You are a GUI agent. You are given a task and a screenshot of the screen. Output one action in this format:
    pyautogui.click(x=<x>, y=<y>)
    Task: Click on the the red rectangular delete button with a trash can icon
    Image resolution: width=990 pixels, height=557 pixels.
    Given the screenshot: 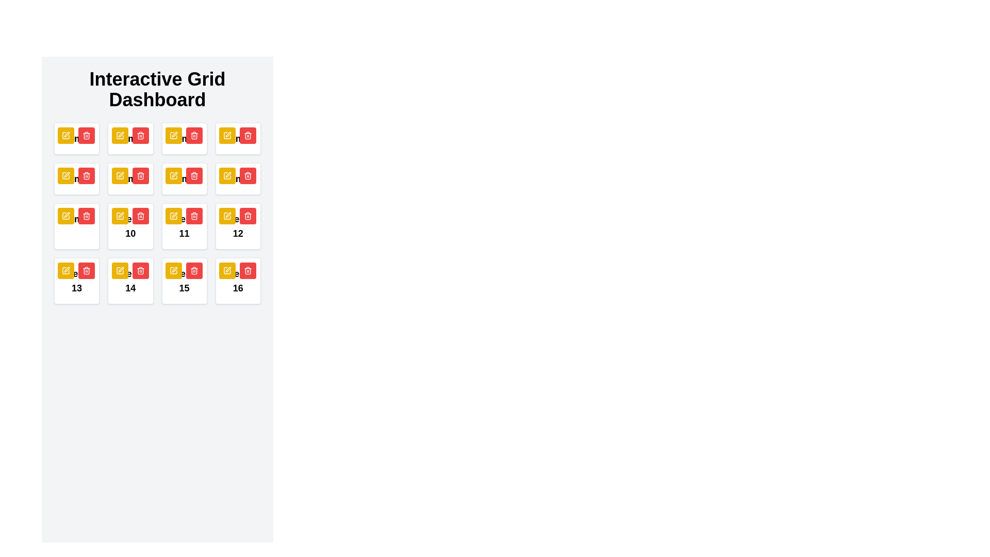 What is the action you would take?
    pyautogui.click(x=140, y=135)
    